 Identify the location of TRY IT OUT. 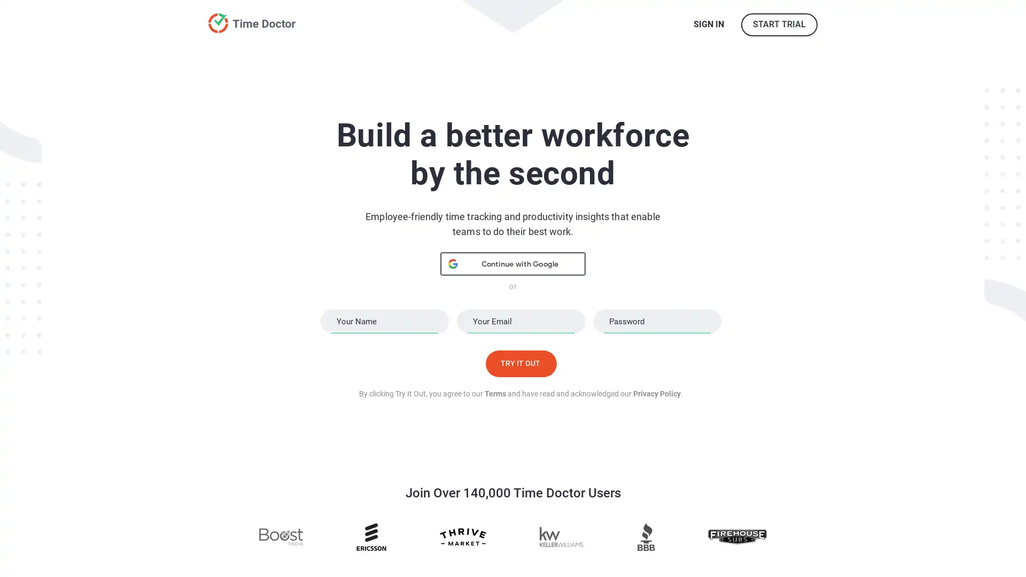
(520, 362).